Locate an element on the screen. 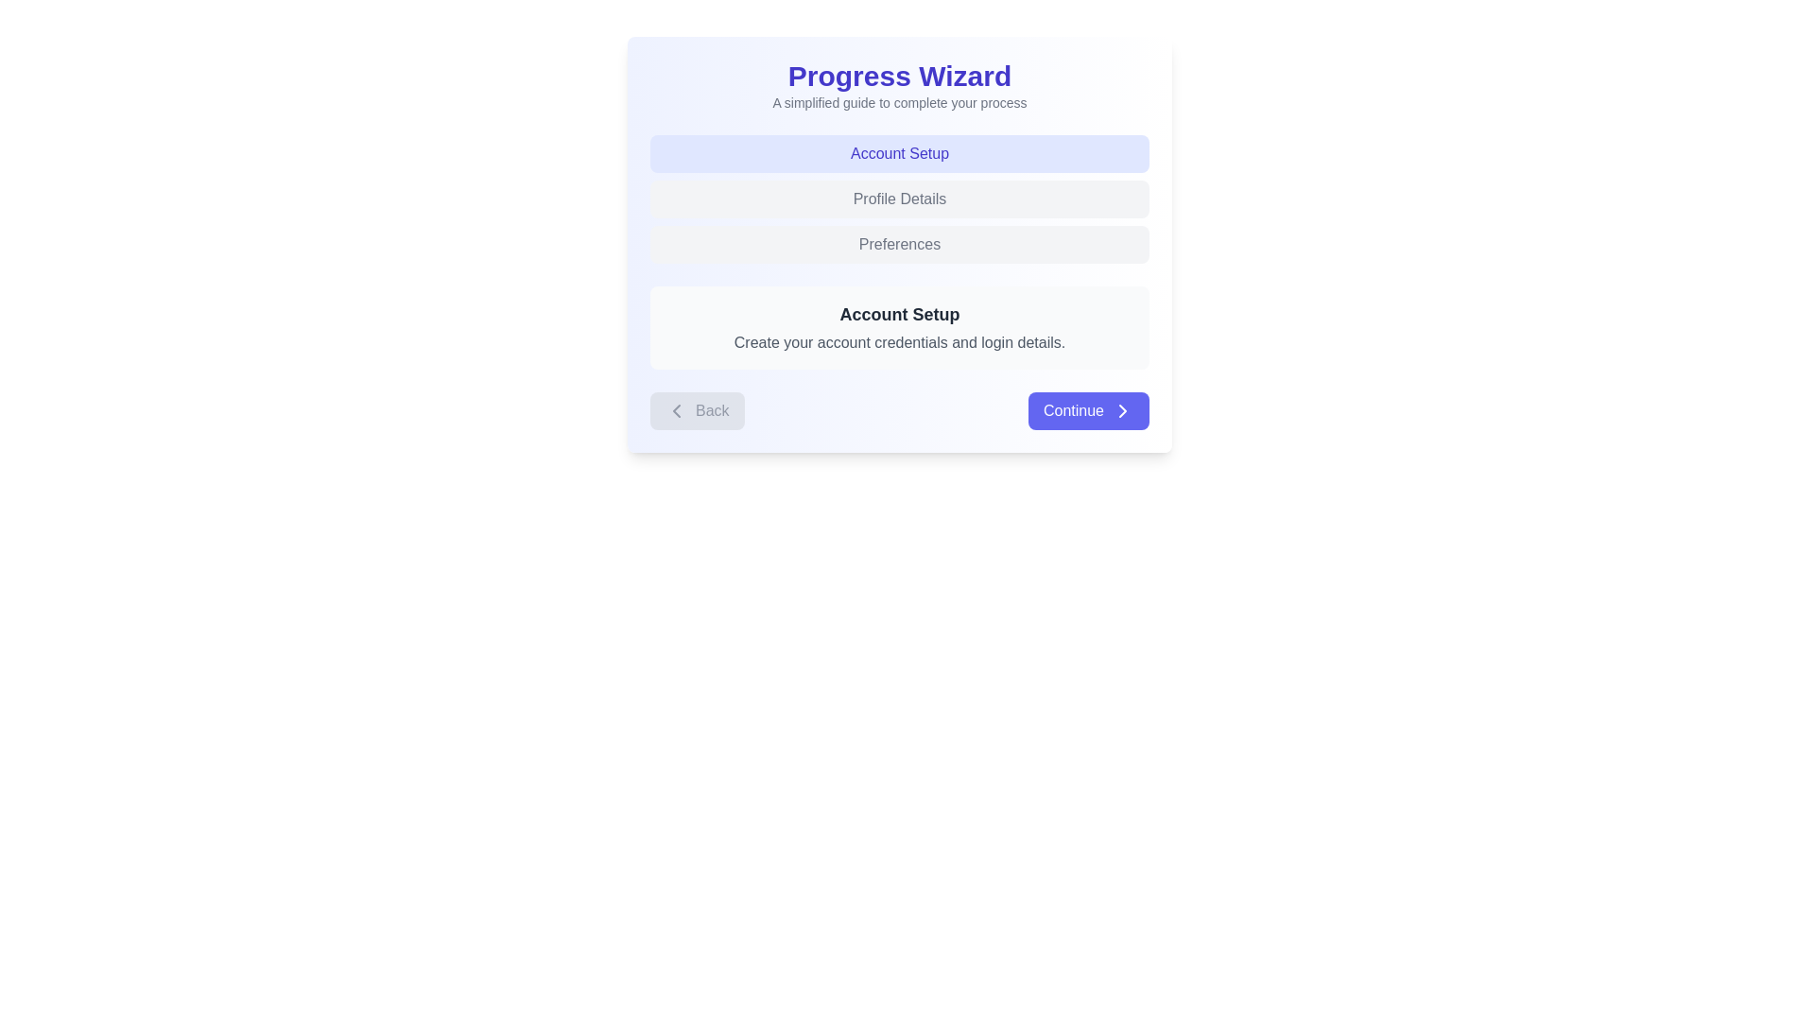  the chevron icon located on the right edge of the 'Continue' button, which indicates forward navigation is located at coordinates (1123, 410).